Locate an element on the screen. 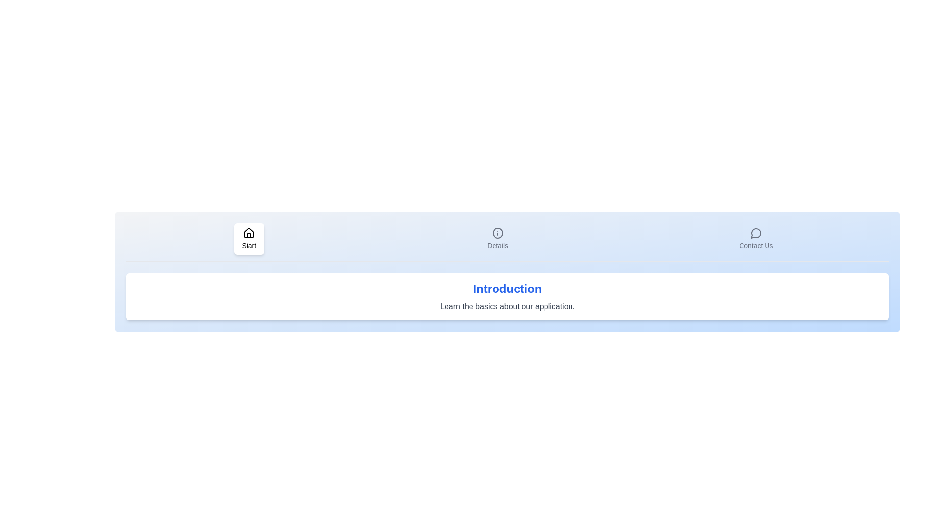 This screenshot has width=941, height=529. the icon of the Details tab to activate it is located at coordinates (497, 239).